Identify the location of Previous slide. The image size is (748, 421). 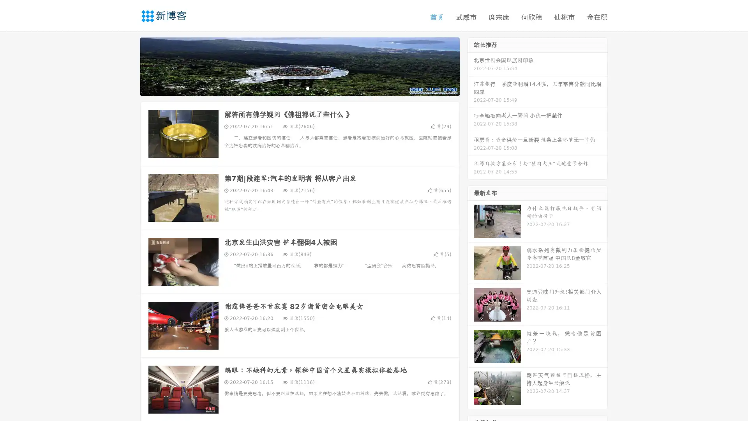
(129, 65).